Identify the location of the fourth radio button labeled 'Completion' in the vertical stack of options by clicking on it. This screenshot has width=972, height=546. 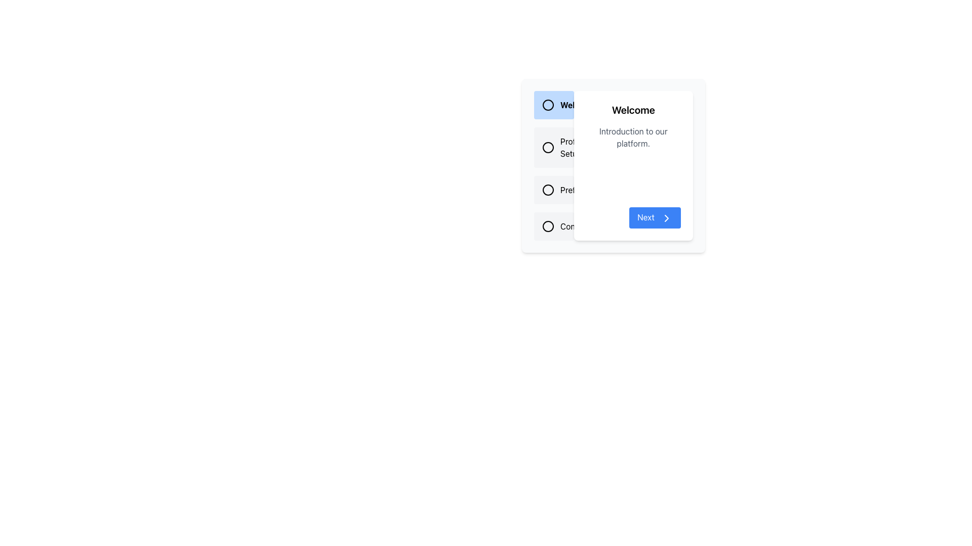
(553, 225).